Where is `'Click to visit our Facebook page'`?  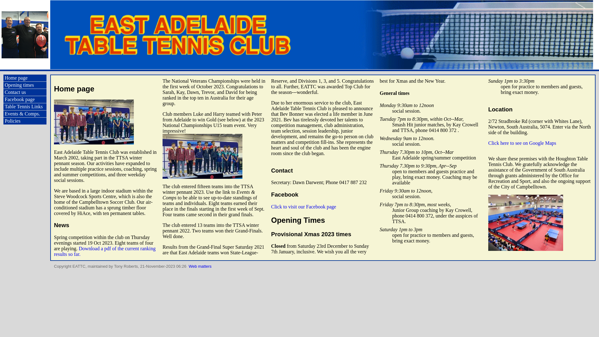
'Click to visit our Facebook page' is located at coordinates (304, 207).